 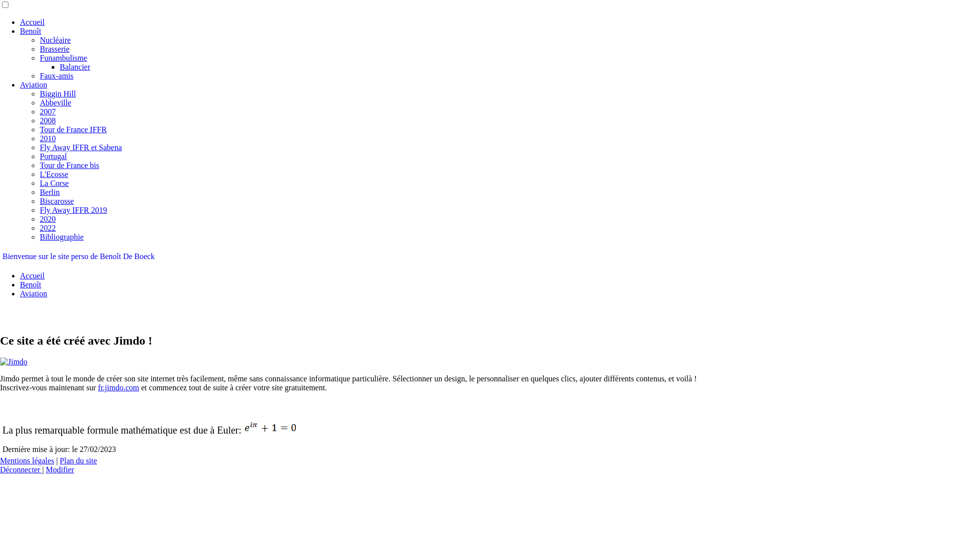 What do you see at coordinates (78, 460) in the screenshot?
I see `'Plan du site'` at bounding box center [78, 460].